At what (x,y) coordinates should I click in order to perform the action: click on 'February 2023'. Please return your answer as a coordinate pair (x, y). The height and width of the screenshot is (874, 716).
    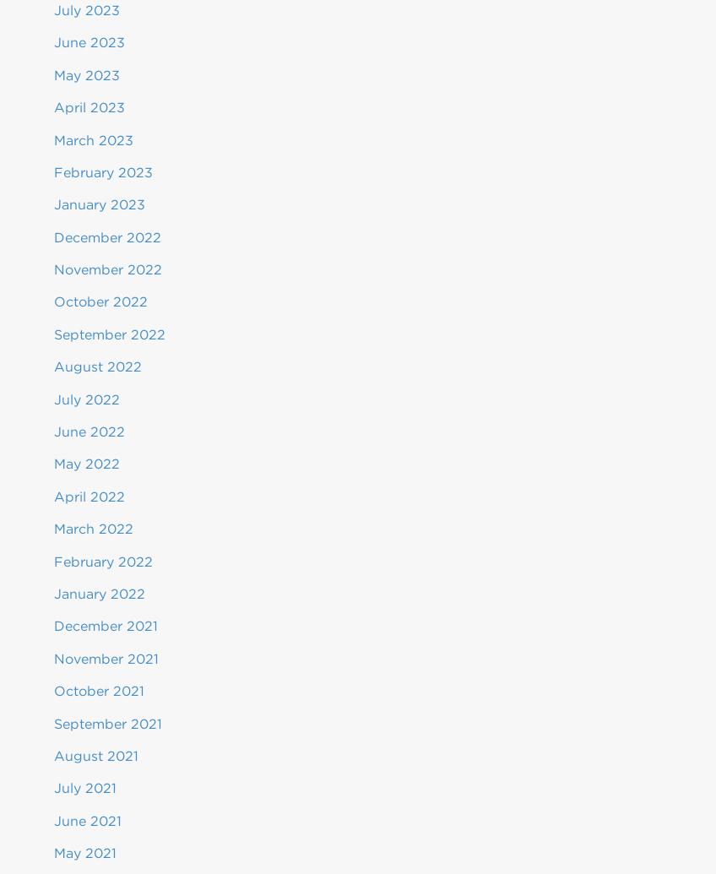
    Looking at the image, I should click on (102, 171).